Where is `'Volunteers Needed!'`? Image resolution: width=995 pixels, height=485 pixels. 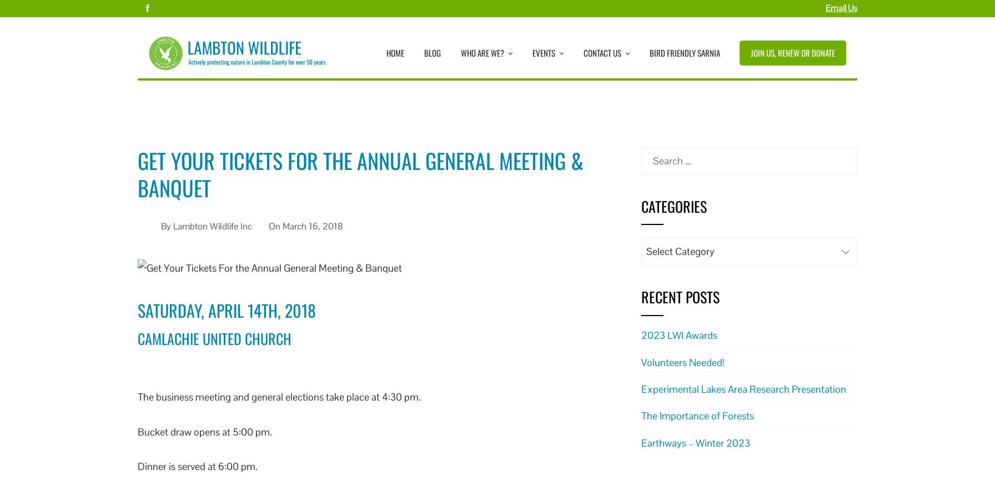
'Volunteers Needed!' is located at coordinates (683, 362).